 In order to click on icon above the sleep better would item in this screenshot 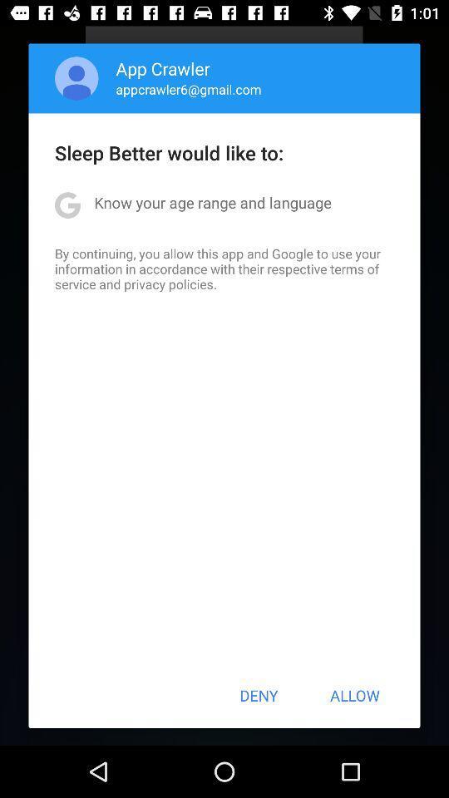, I will do `click(76, 78)`.